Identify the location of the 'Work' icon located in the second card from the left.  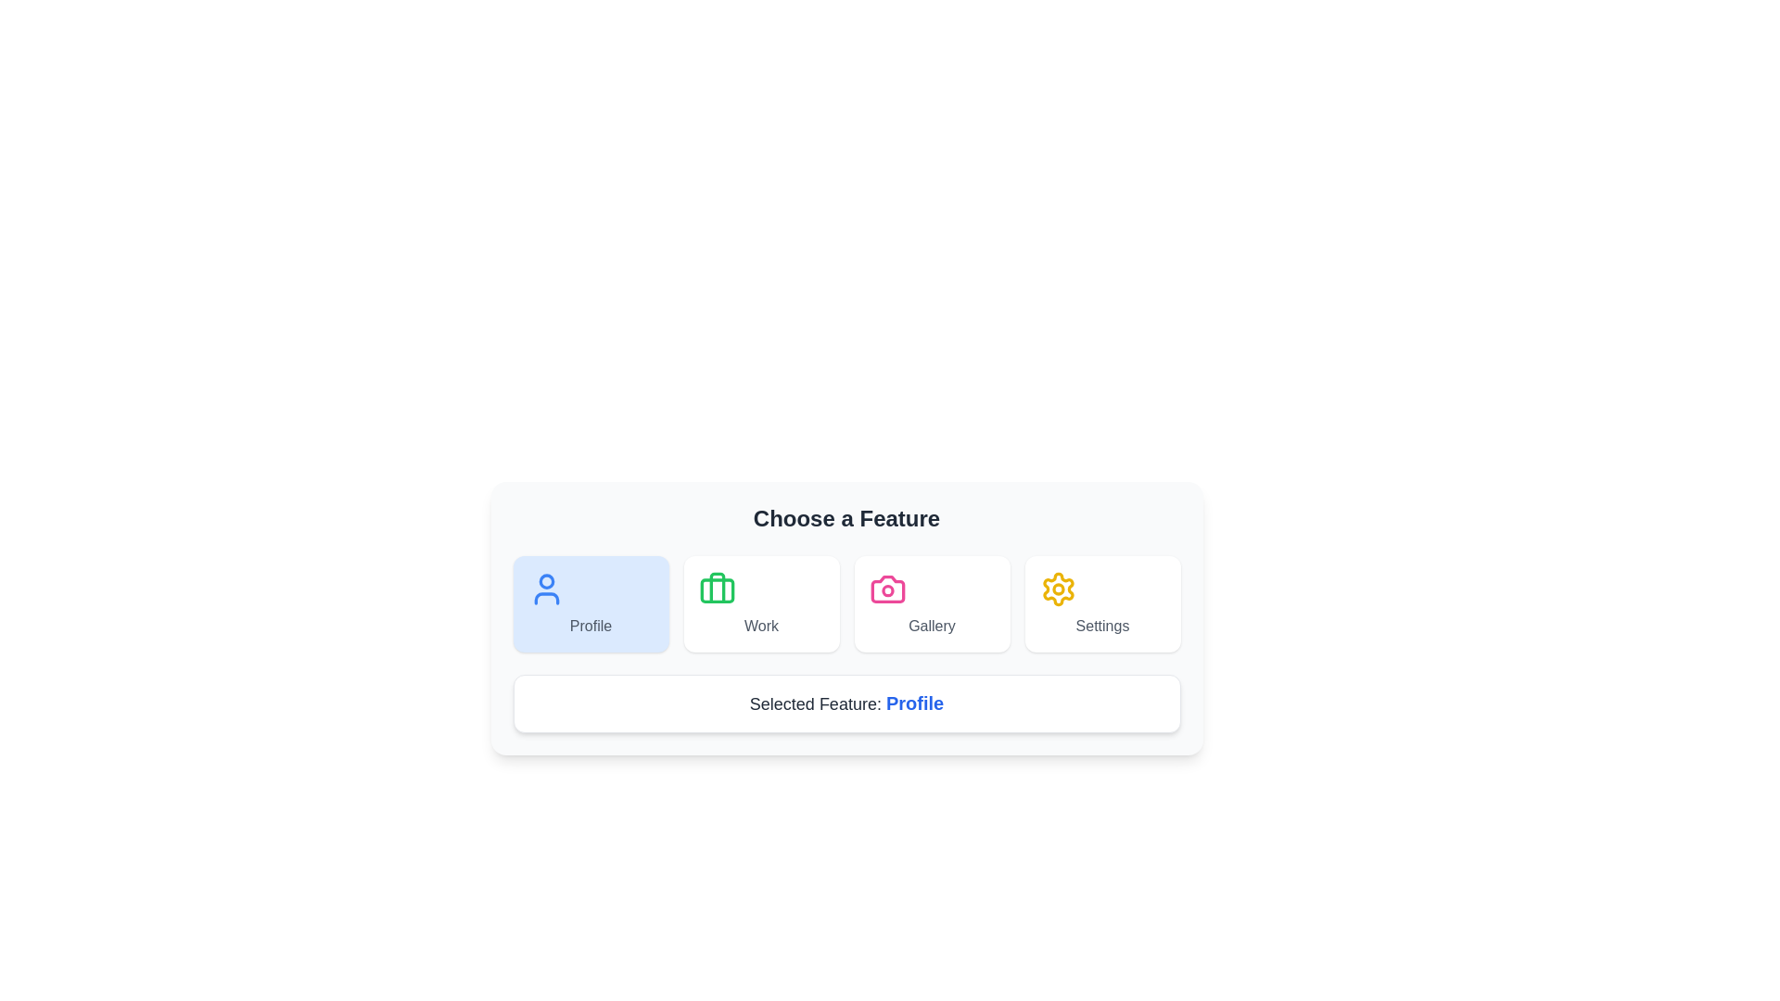
(716, 589).